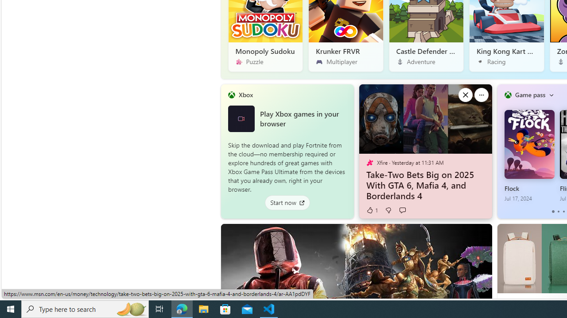 The height and width of the screenshot is (318, 567). I want to click on 'Flock Jul 17, 2024', so click(529, 155).